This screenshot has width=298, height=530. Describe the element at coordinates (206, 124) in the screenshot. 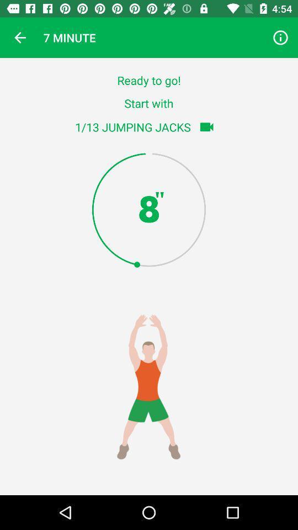

I see `the videocam icon` at that location.